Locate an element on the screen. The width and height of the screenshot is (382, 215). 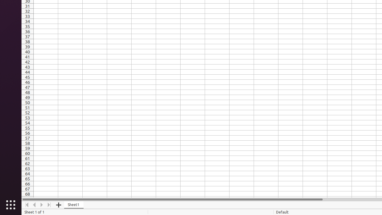
'Move To Home' is located at coordinates (27, 205).